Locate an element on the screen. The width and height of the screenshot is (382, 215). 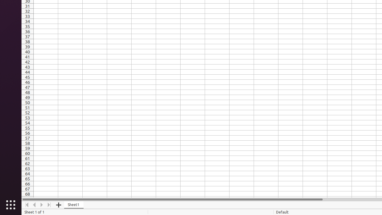
'Move To Home' is located at coordinates (27, 205).